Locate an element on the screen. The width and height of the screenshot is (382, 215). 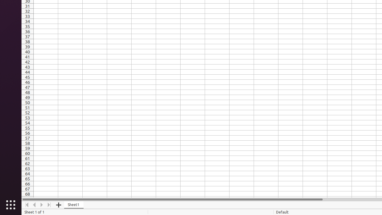
'Move To Home' is located at coordinates (27, 205).